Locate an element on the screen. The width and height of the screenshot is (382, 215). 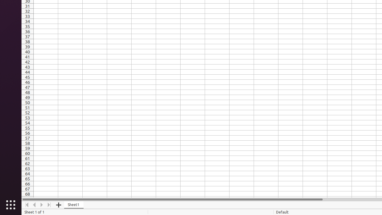
'Move To Home' is located at coordinates (27, 205).